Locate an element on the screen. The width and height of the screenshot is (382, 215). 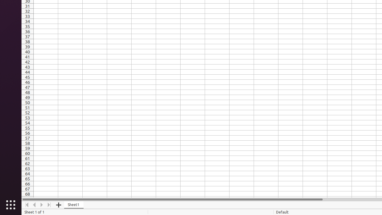
'Move To Home' is located at coordinates (27, 205).